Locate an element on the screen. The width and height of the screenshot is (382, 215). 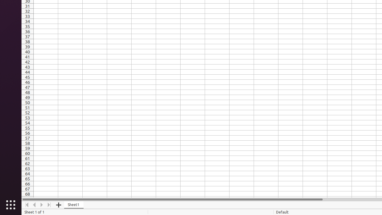
'Move To Home' is located at coordinates (27, 205).